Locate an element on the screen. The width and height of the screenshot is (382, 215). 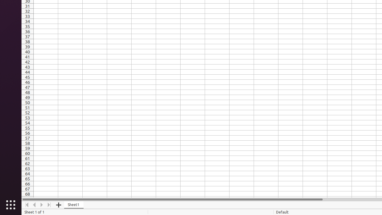
'Move To Home' is located at coordinates (27, 205).